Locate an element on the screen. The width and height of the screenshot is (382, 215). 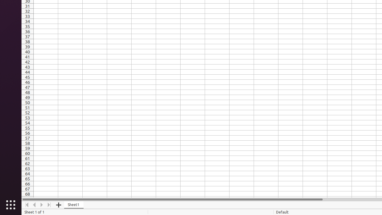
'Move To Home' is located at coordinates (27, 205).